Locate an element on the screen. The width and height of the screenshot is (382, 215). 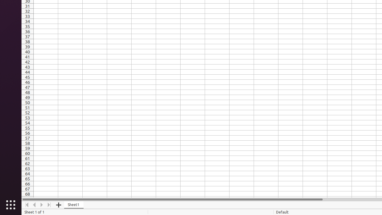
'Move To Home' is located at coordinates (27, 205).